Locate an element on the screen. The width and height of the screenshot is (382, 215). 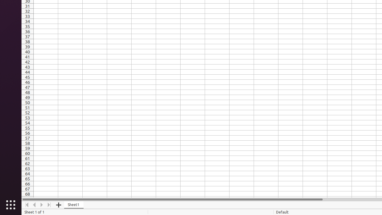
'Move To Home' is located at coordinates (27, 205).